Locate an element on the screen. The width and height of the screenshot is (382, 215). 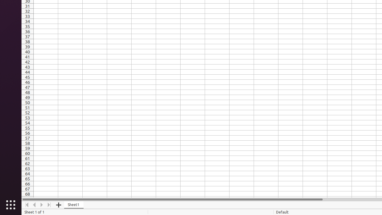
'Move To Home' is located at coordinates (27, 205).